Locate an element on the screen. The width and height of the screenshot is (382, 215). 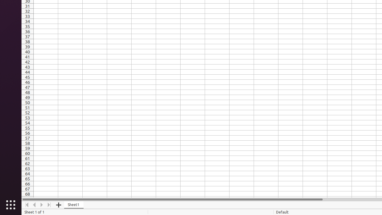
'Move To Home' is located at coordinates (27, 205).